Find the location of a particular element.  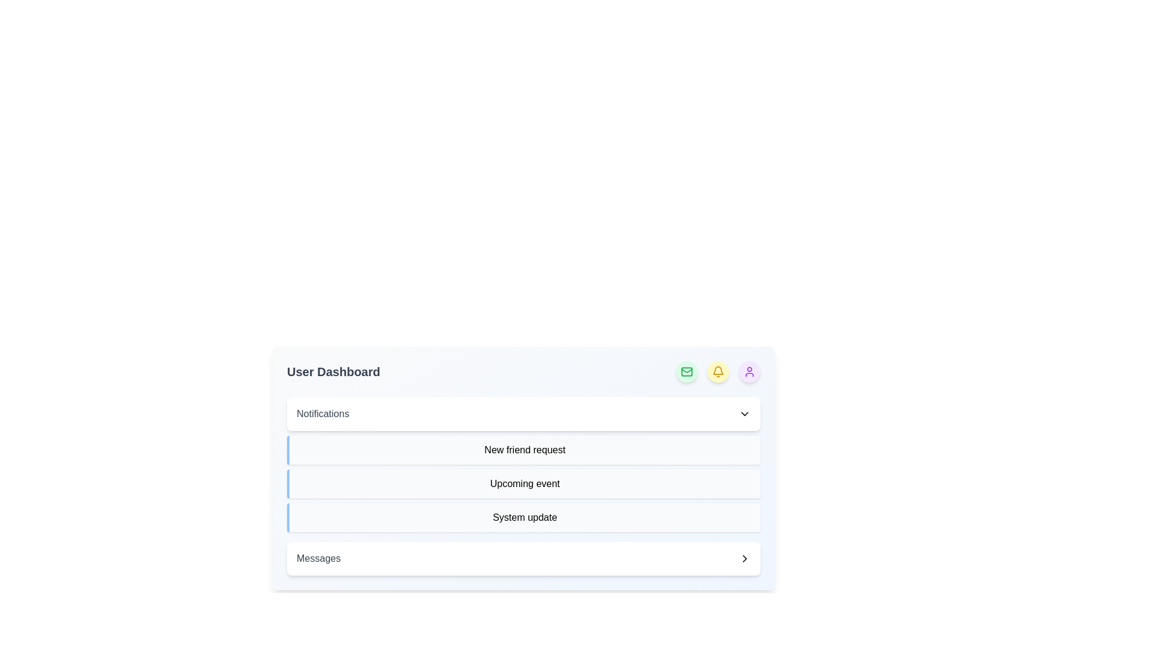

the Information box with a gray background and blue border that displays 'System update', located in the Notifications section is located at coordinates (524, 517).